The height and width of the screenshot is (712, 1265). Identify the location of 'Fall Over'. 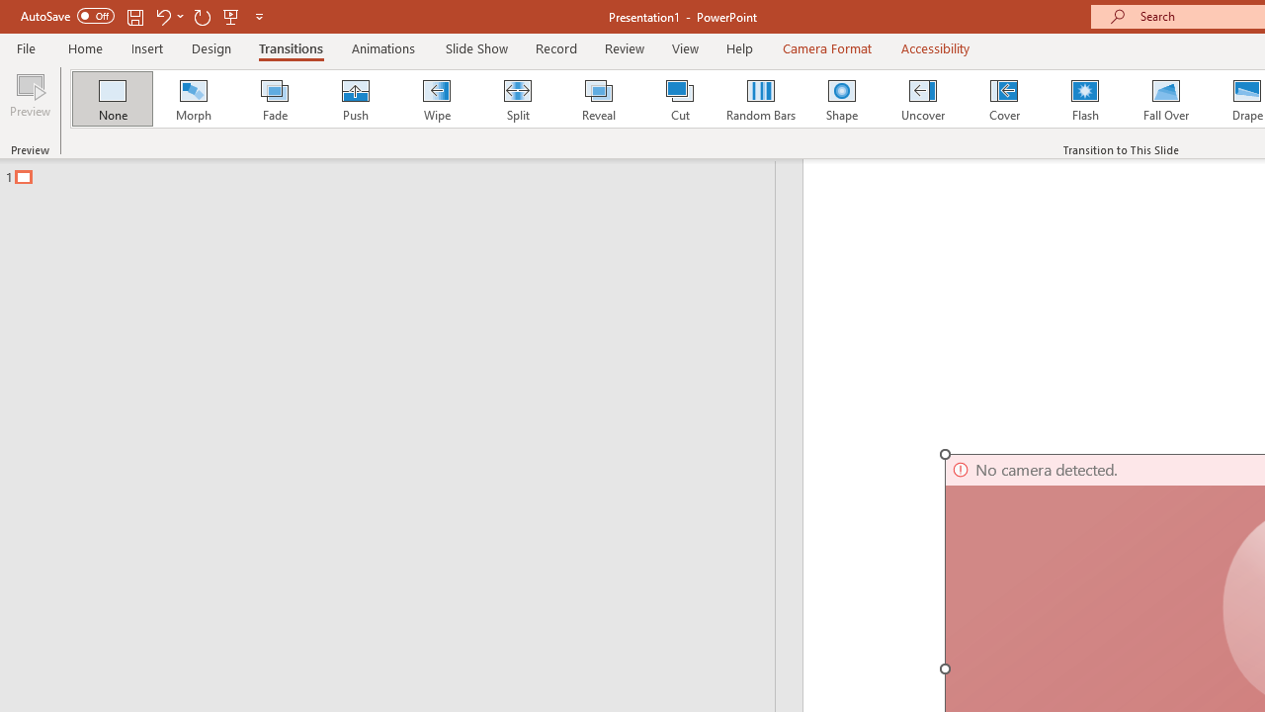
(1166, 99).